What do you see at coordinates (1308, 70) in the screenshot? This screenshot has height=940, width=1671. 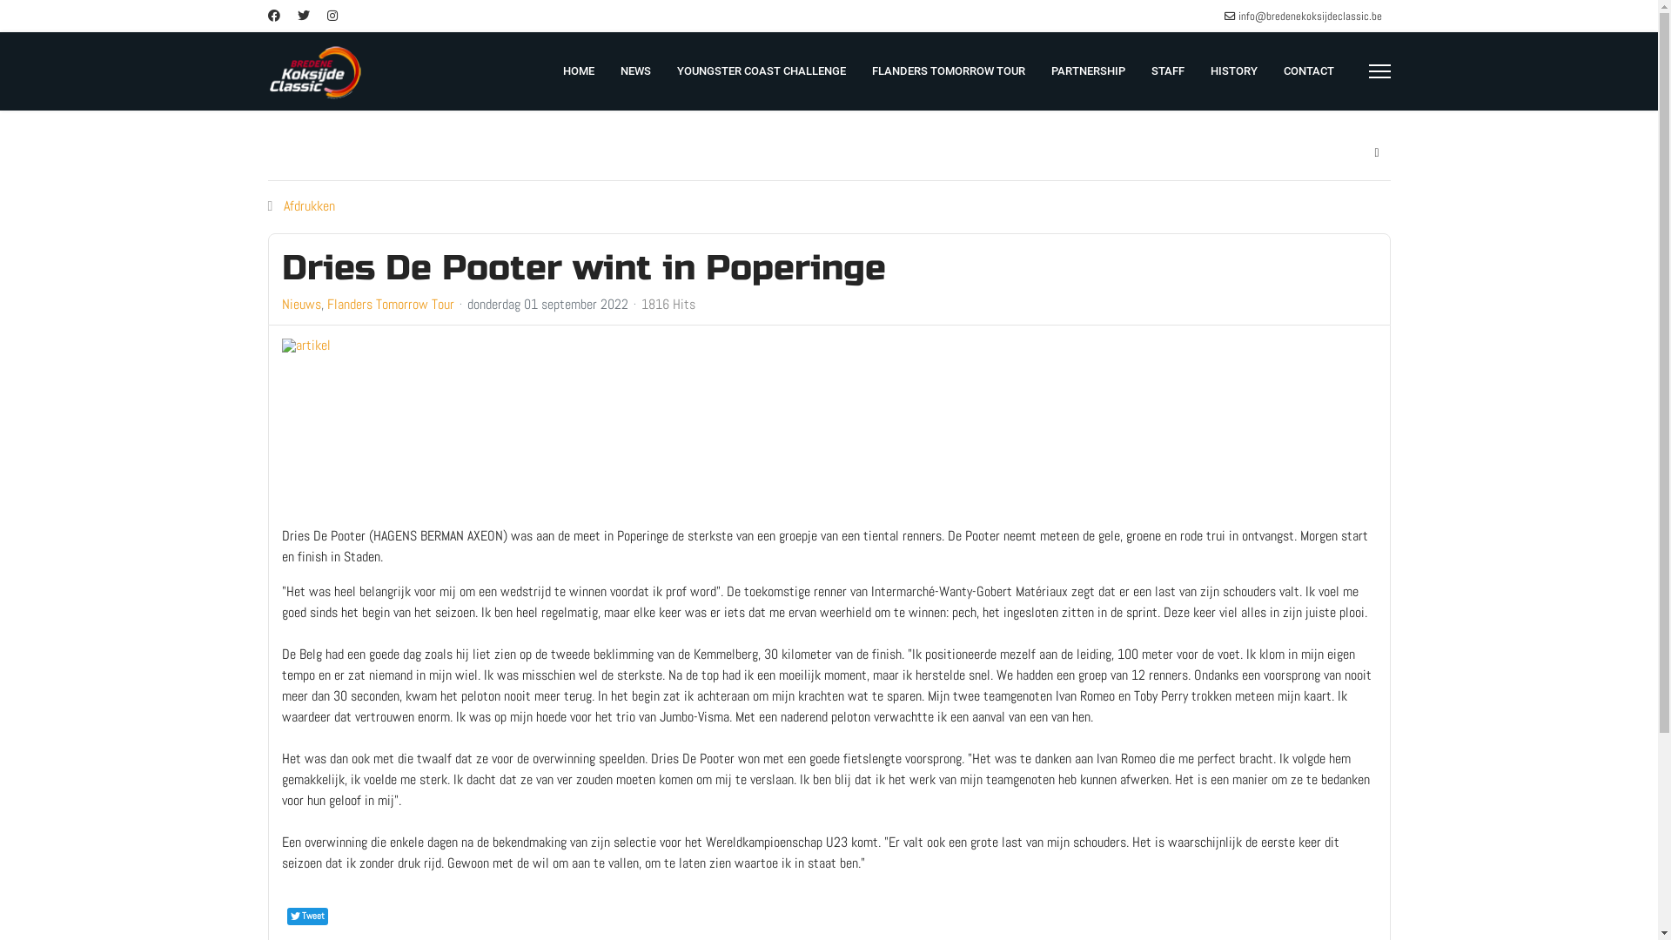 I see `'CONTACT'` at bounding box center [1308, 70].